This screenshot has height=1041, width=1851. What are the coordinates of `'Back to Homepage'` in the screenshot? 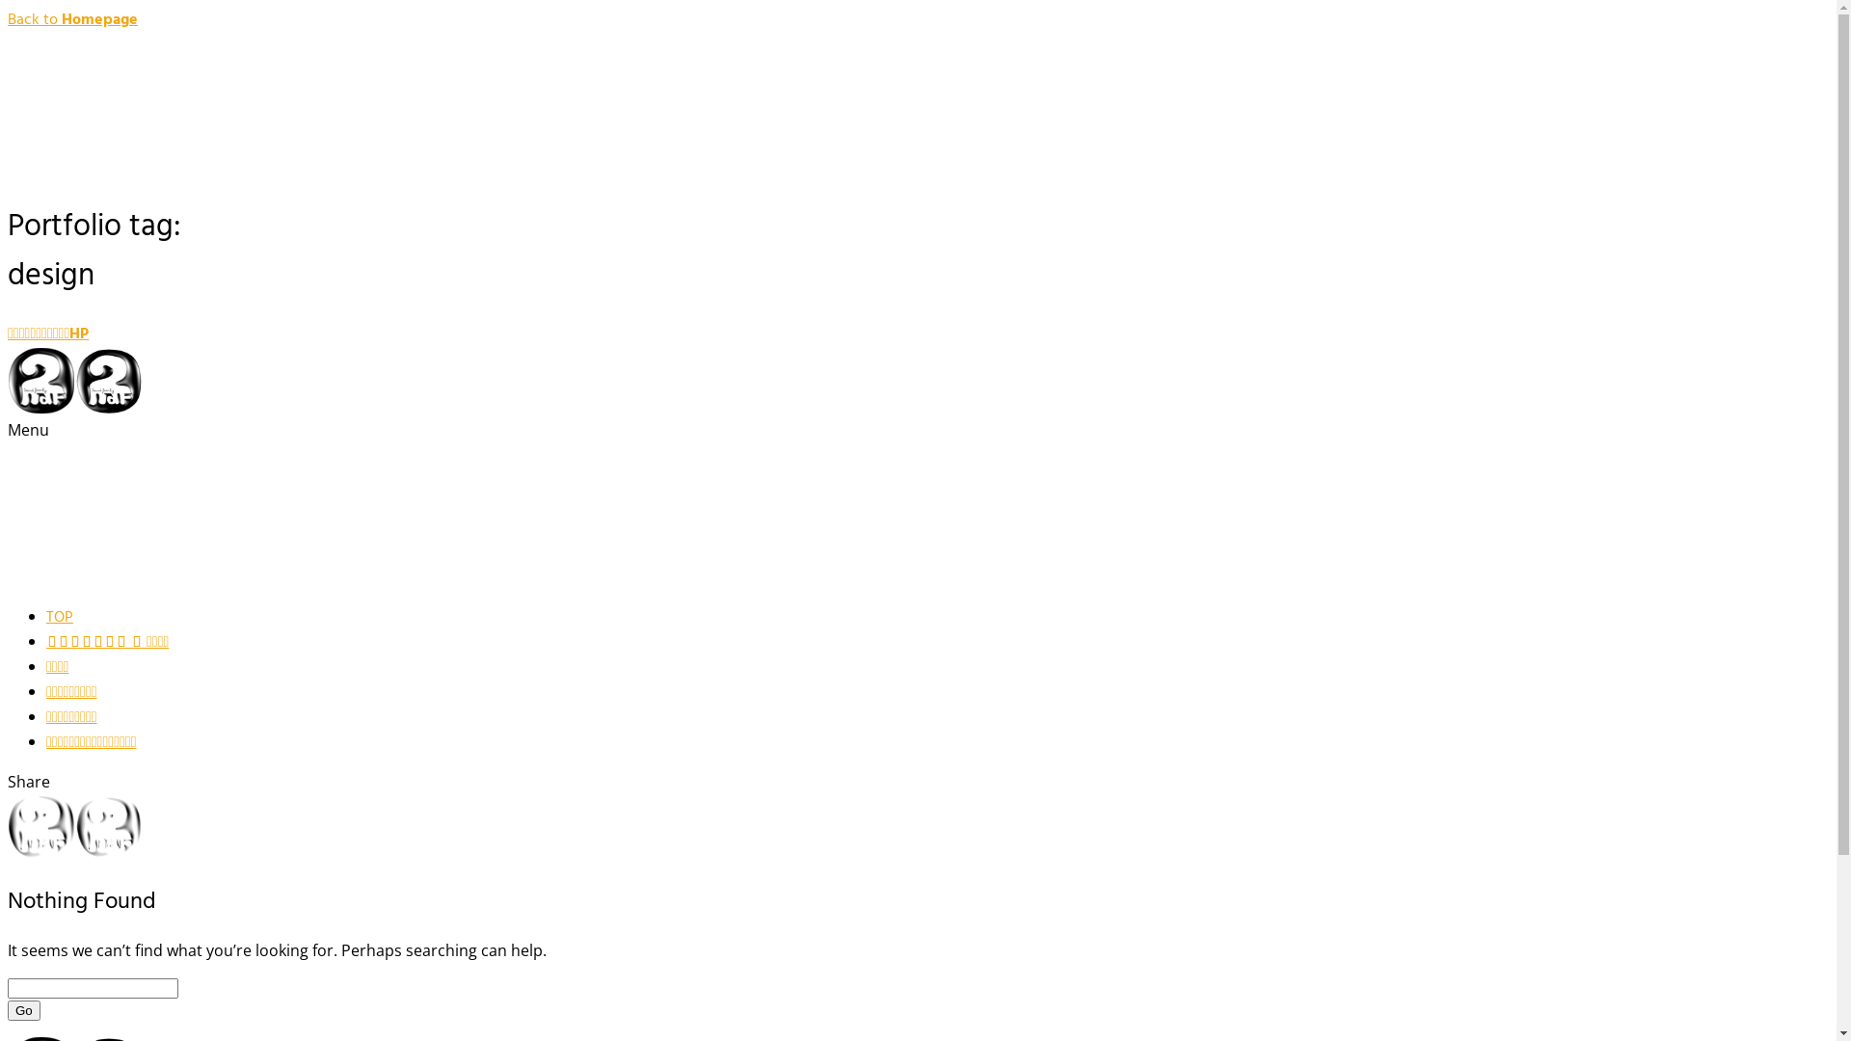 It's located at (72, 19).